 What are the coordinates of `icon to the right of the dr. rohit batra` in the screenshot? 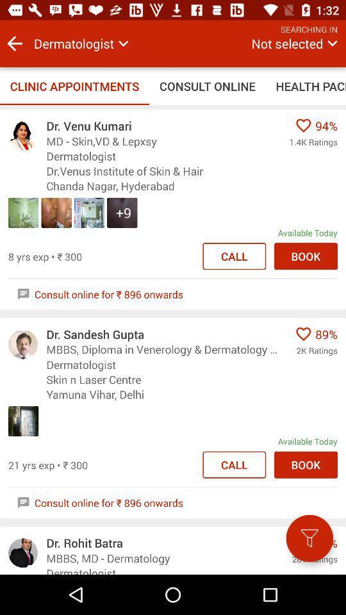 It's located at (309, 538).